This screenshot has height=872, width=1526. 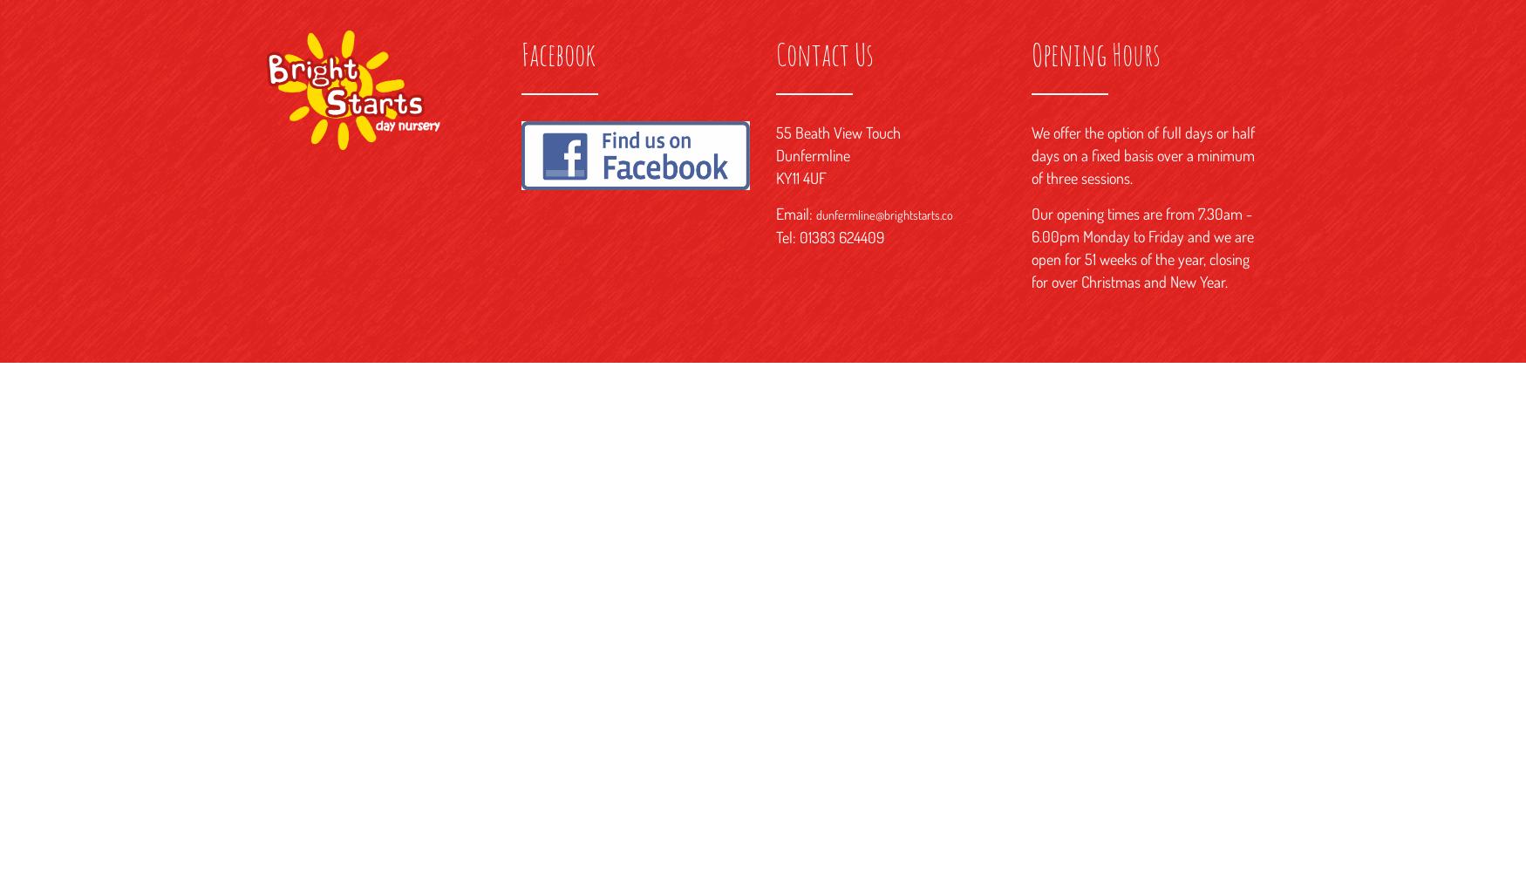 I want to click on 'KY11 4UF', so click(x=800, y=177).